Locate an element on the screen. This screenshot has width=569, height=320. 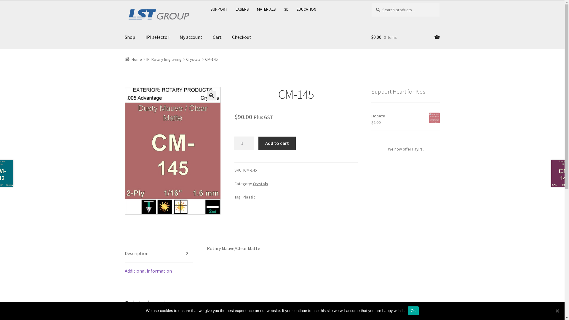
'SUPPORT' is located at coordinates (219, 9).